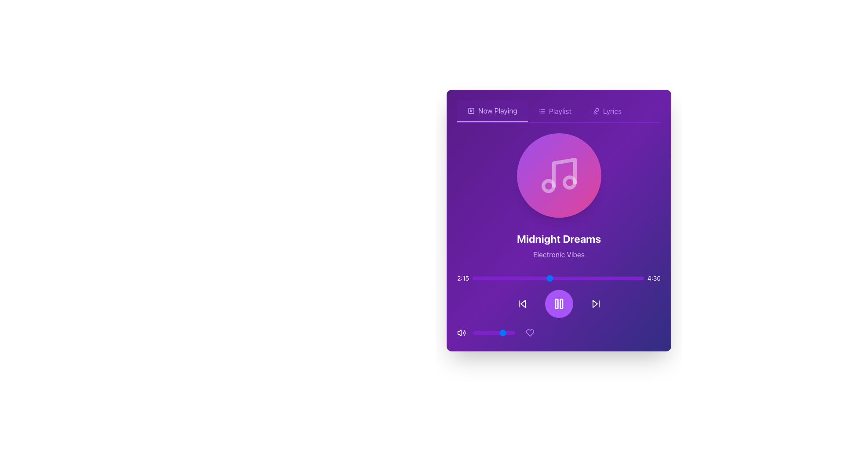 The width and height of the screenshot is (844, 475). What do you see at coordinates (522, 303) in the screenshot?
I see `the backward skip button, which is located centrally at the bottom of the media playback interface, to trigger the hover effect` at bounding box center [522, 303].